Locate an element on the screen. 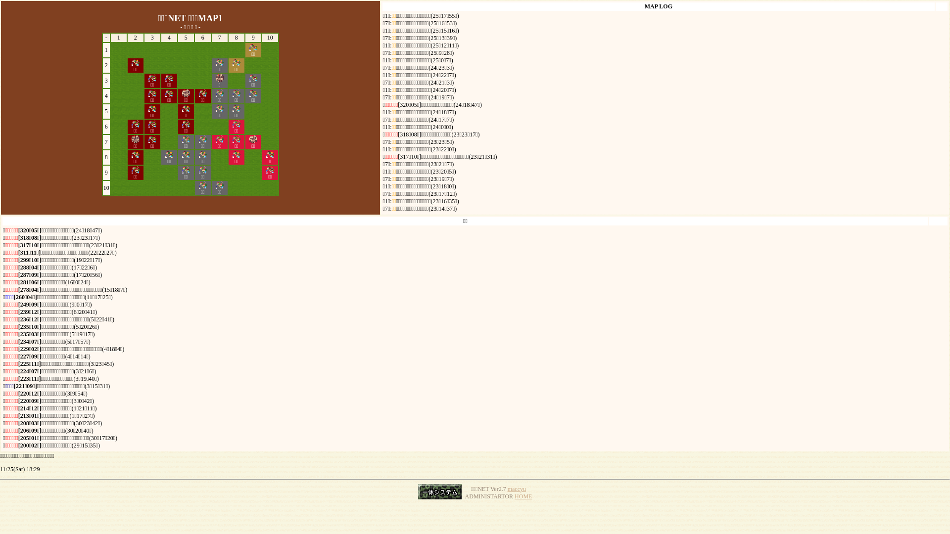  'maccyu' is located at coordinates (508, 488).